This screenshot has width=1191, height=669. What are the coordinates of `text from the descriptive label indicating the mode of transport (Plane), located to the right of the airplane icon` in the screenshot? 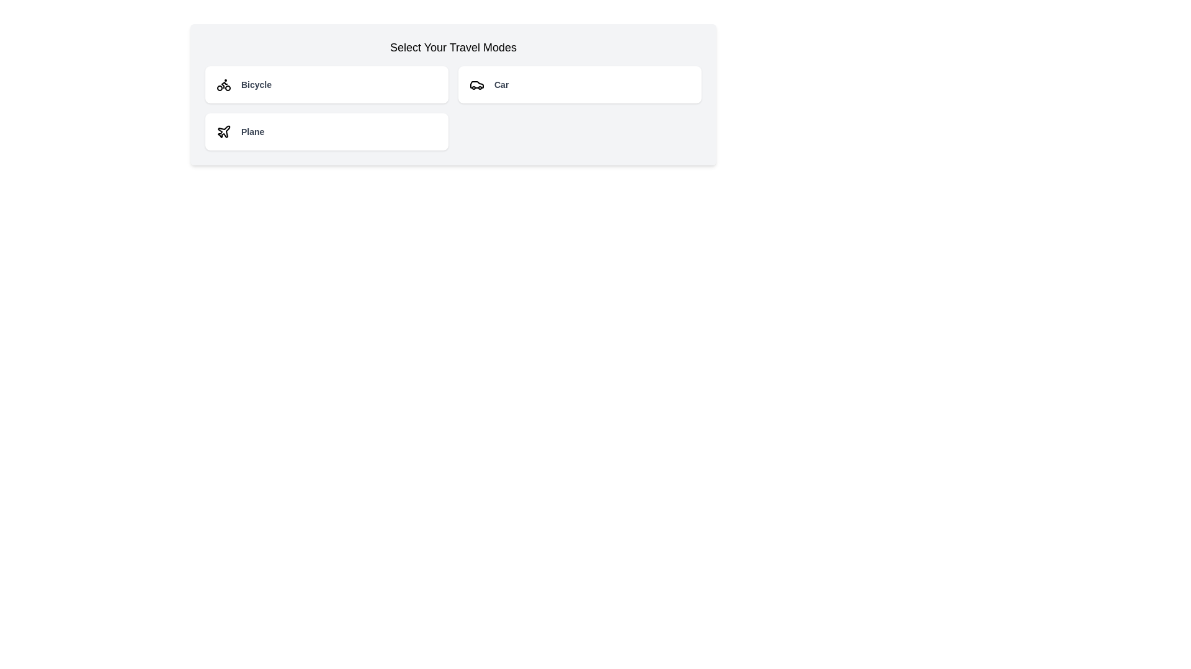 It's located at (252, 131).